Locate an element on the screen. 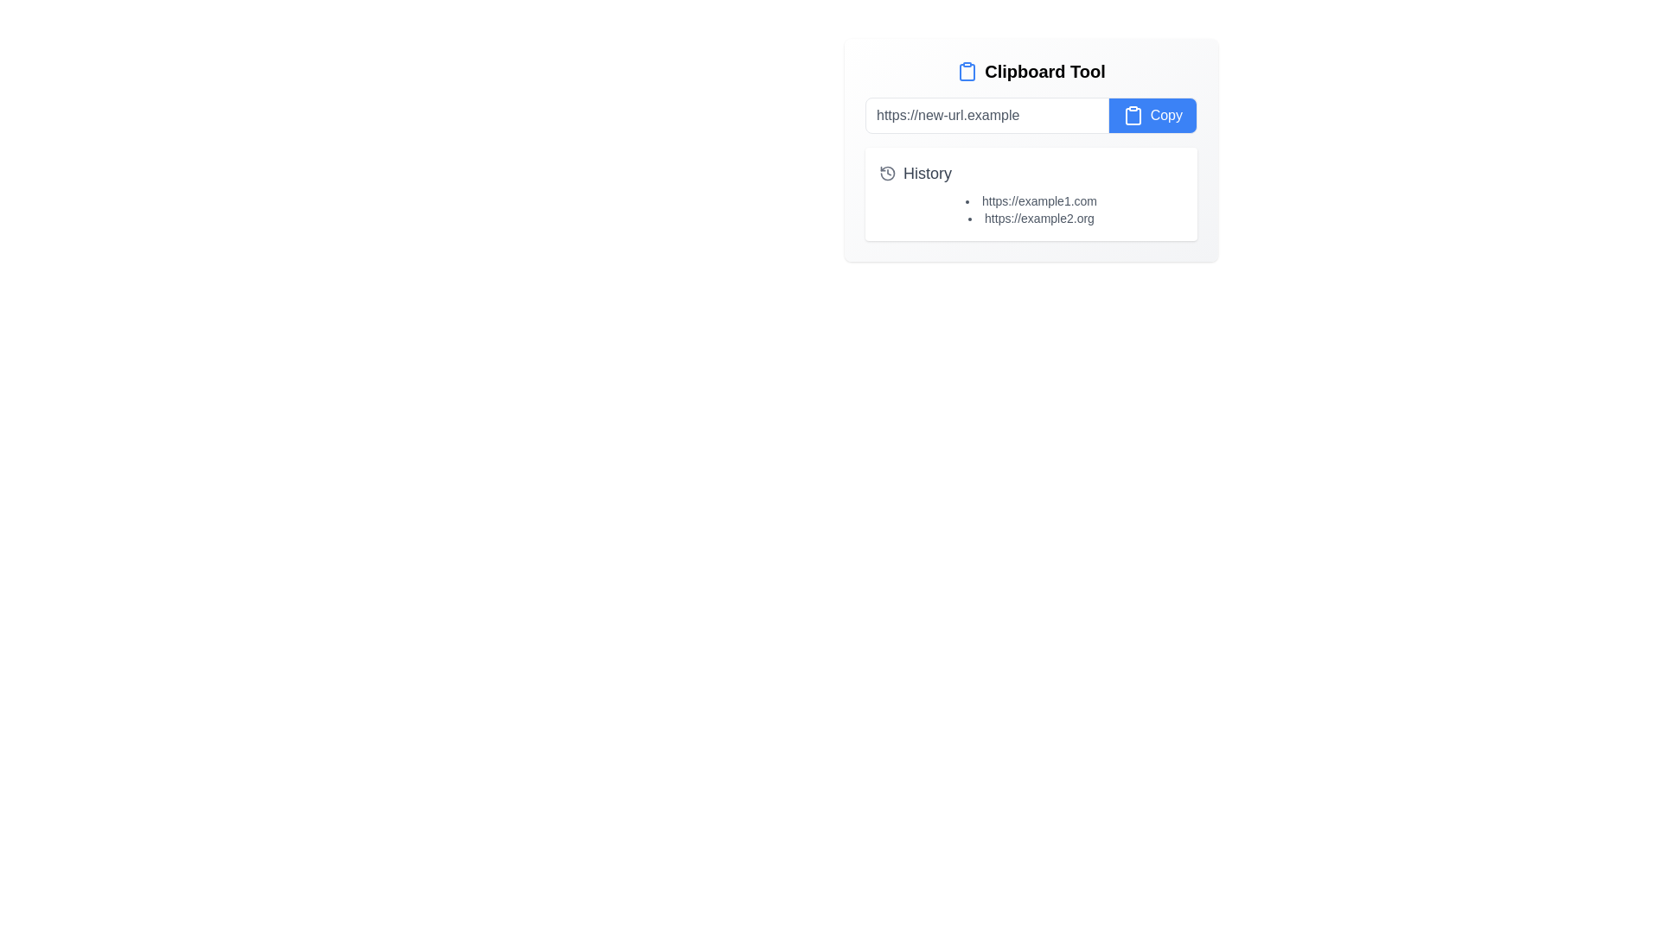  the lower half of the clipboard icon, which is a vertically oriented rectangular element with curved edges and a thin border is located at coordinates (1133, 117).